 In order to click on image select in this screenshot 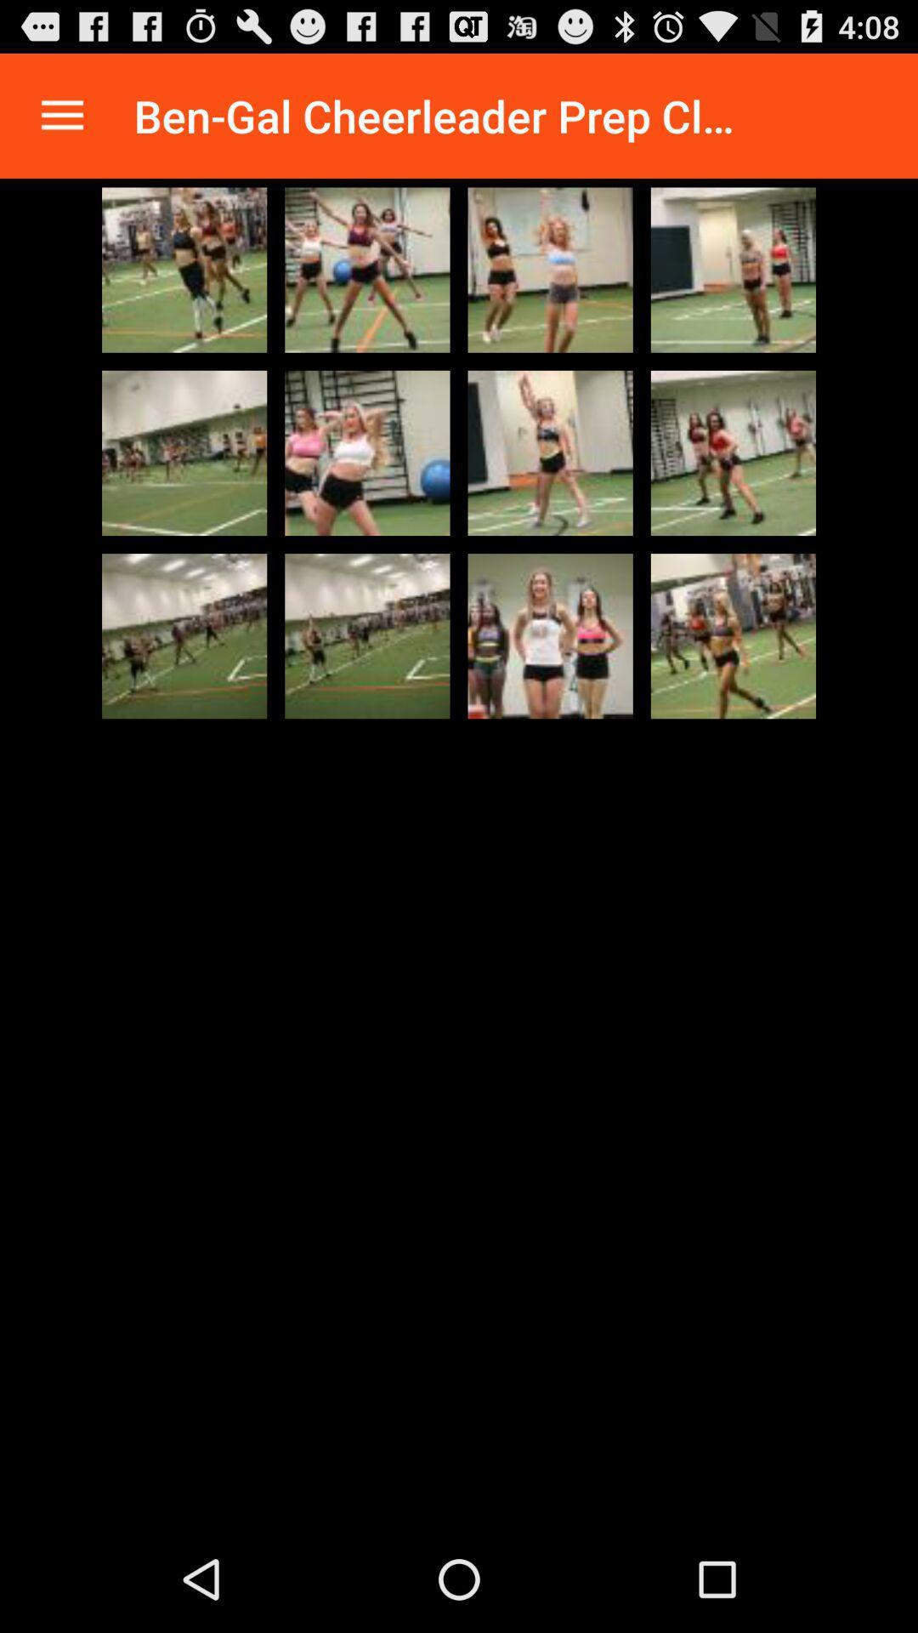, I will do `click(184, 269)`.